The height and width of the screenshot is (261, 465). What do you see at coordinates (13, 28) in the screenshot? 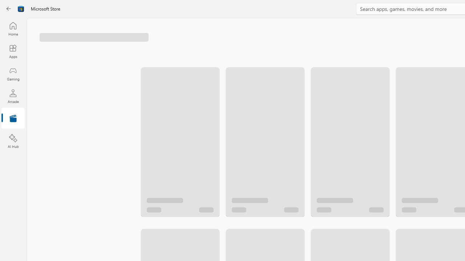
I see `'Home'` at bounding box center [13, 28].